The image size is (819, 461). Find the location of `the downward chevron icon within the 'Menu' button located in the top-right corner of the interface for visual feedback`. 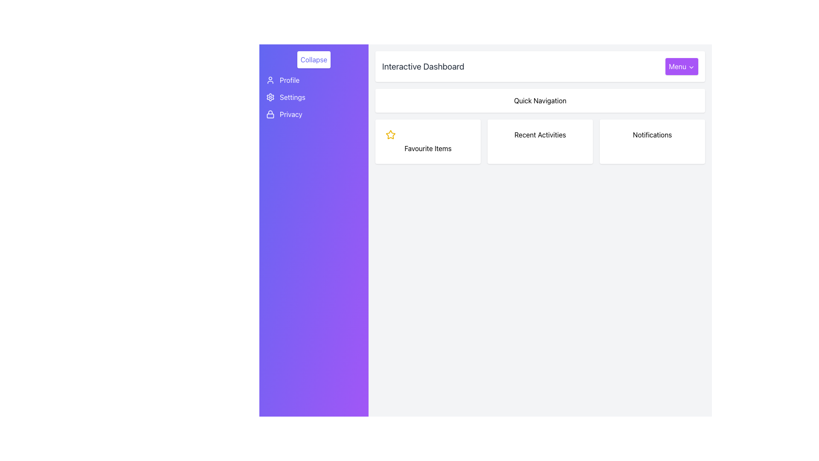

the downward chevron icon within the 'Menu' button located in the top-right corner of the interface for visual feedback is located at coordinates (691, 67).